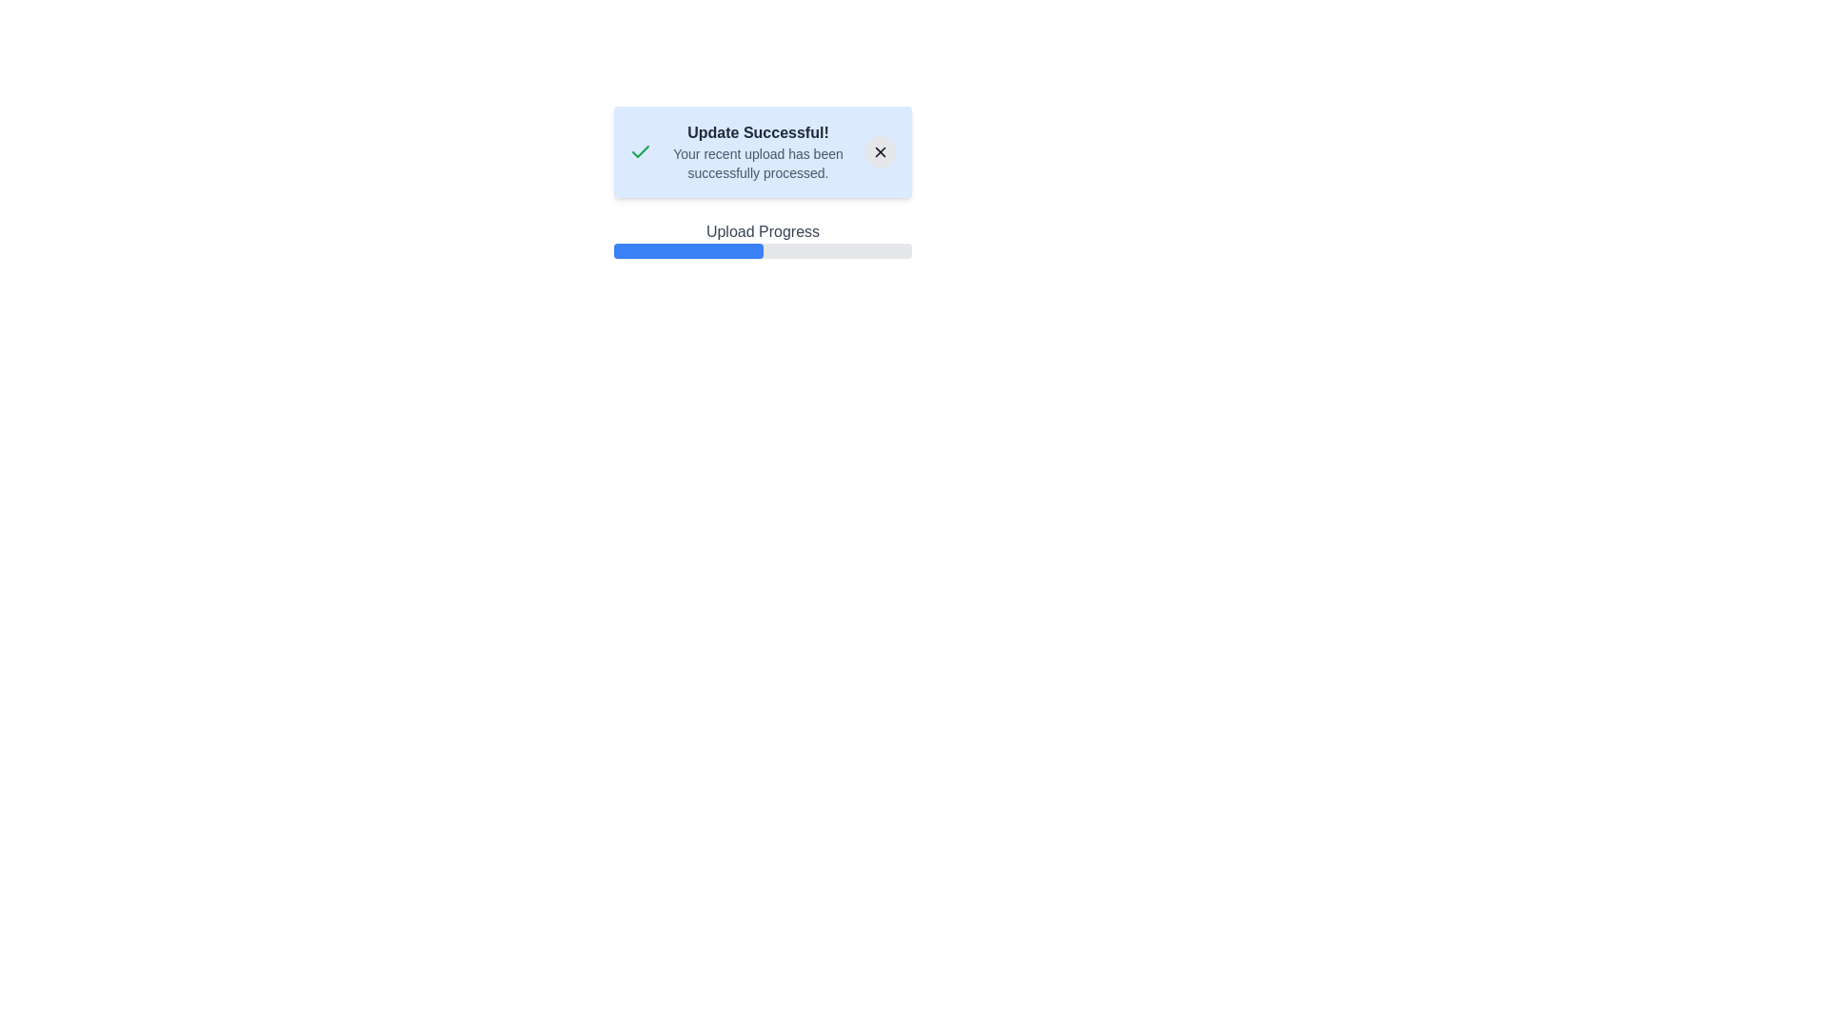  Describe the element at coordinates (880, 150) in the screenshot. I see `the close button to dismiss the alert` at that location.